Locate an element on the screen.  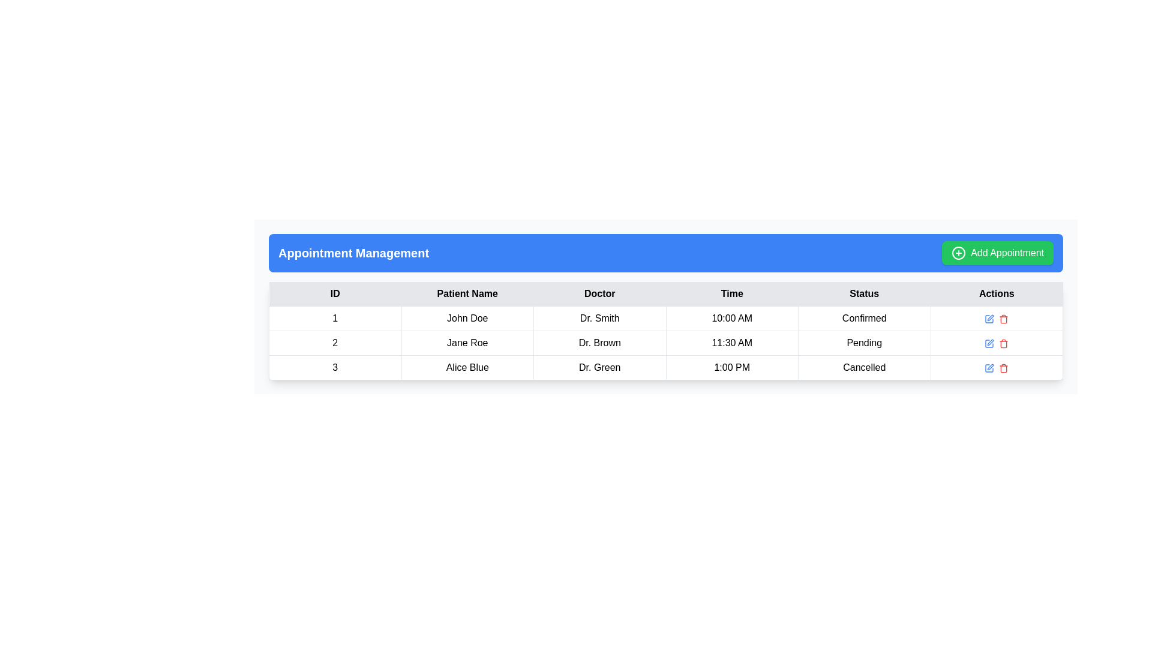
the Text label that serves as a column header for patient names in the appointments table, positioned between the 'ID' and 'Doctor' columns is located at coordinates (467, 294).